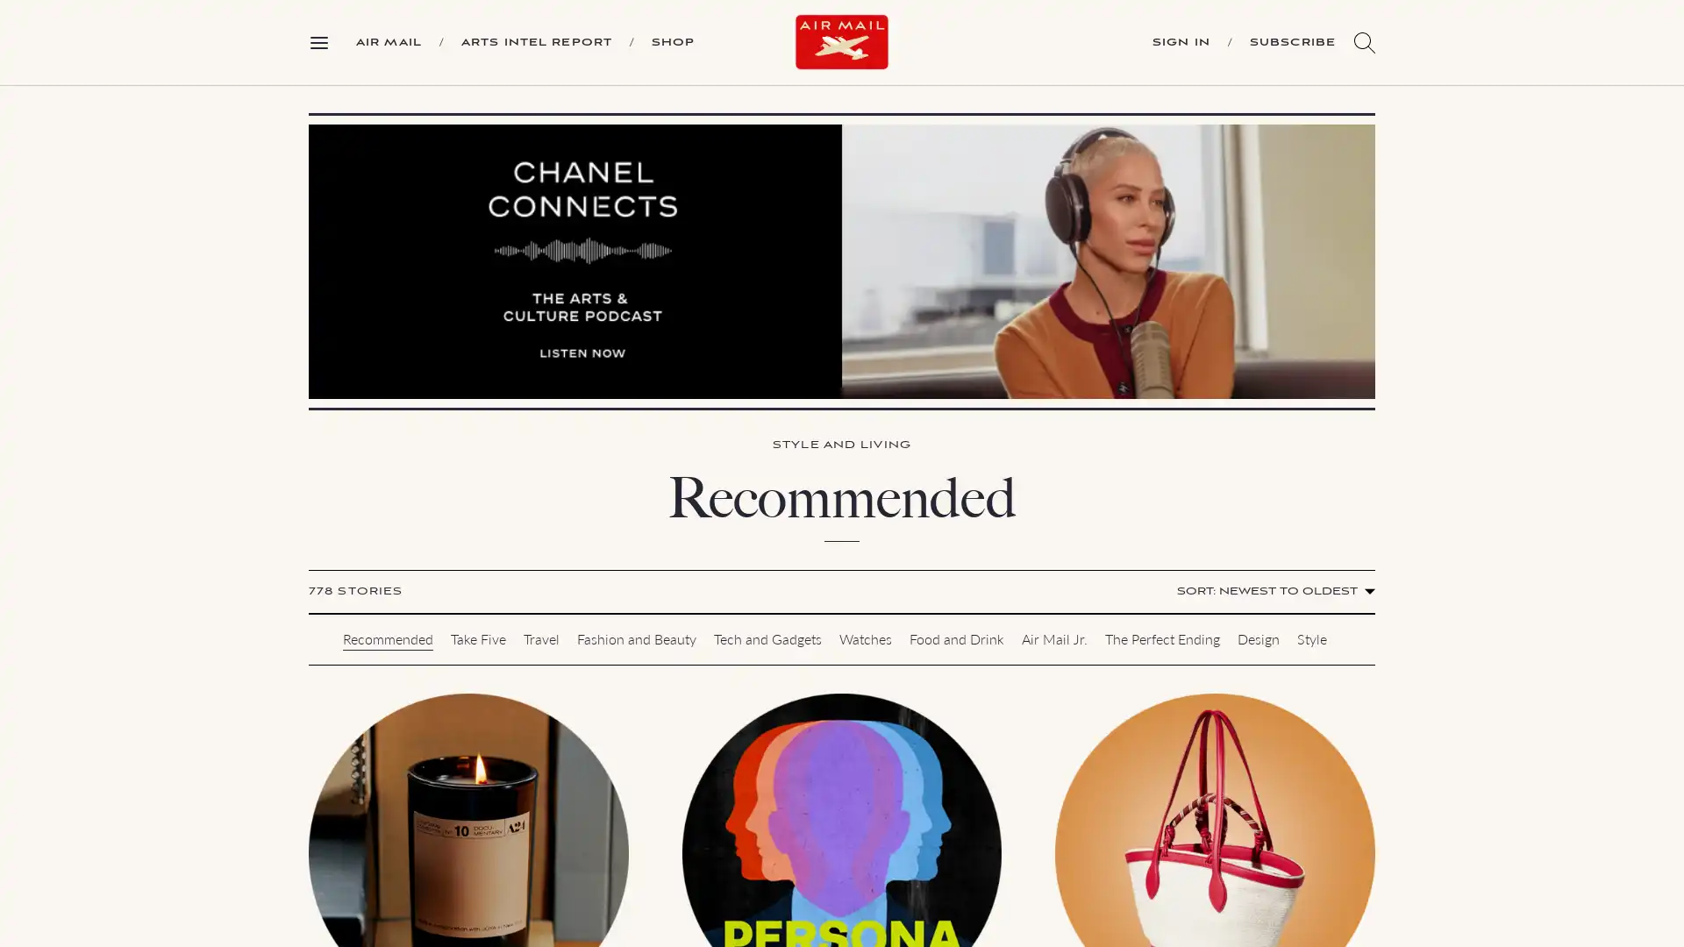  Describe the element at coordinates (1273, 592) in the screenshot. I see `SORT: NEWEST TO OLDEST` at that location.